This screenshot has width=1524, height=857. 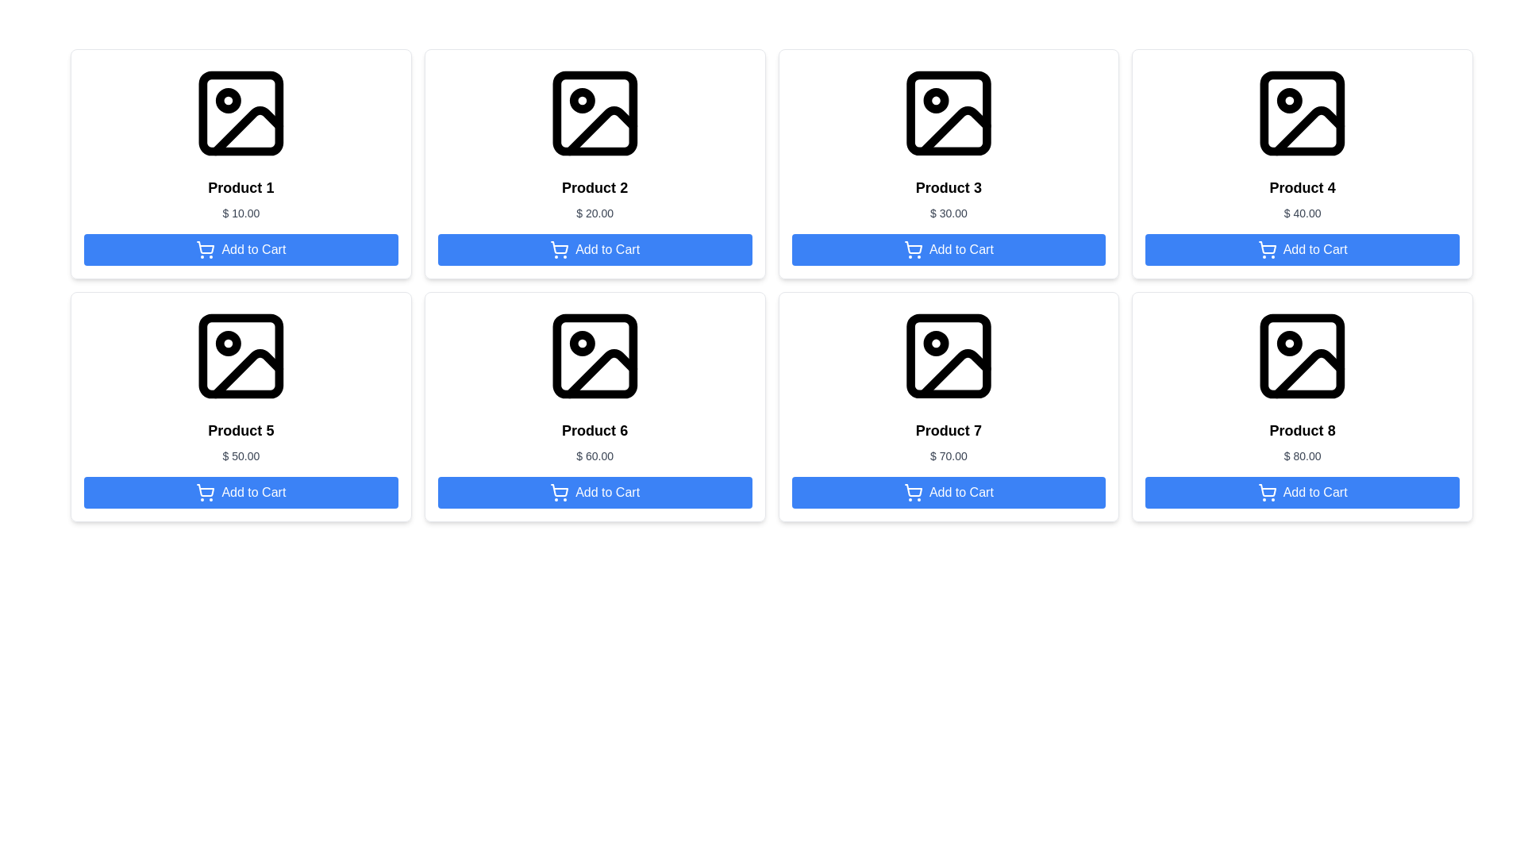 I want to click on the 'Product 4' card located in the top-right of the grid layout to activate hover effects, so click(x=1303, y=164).